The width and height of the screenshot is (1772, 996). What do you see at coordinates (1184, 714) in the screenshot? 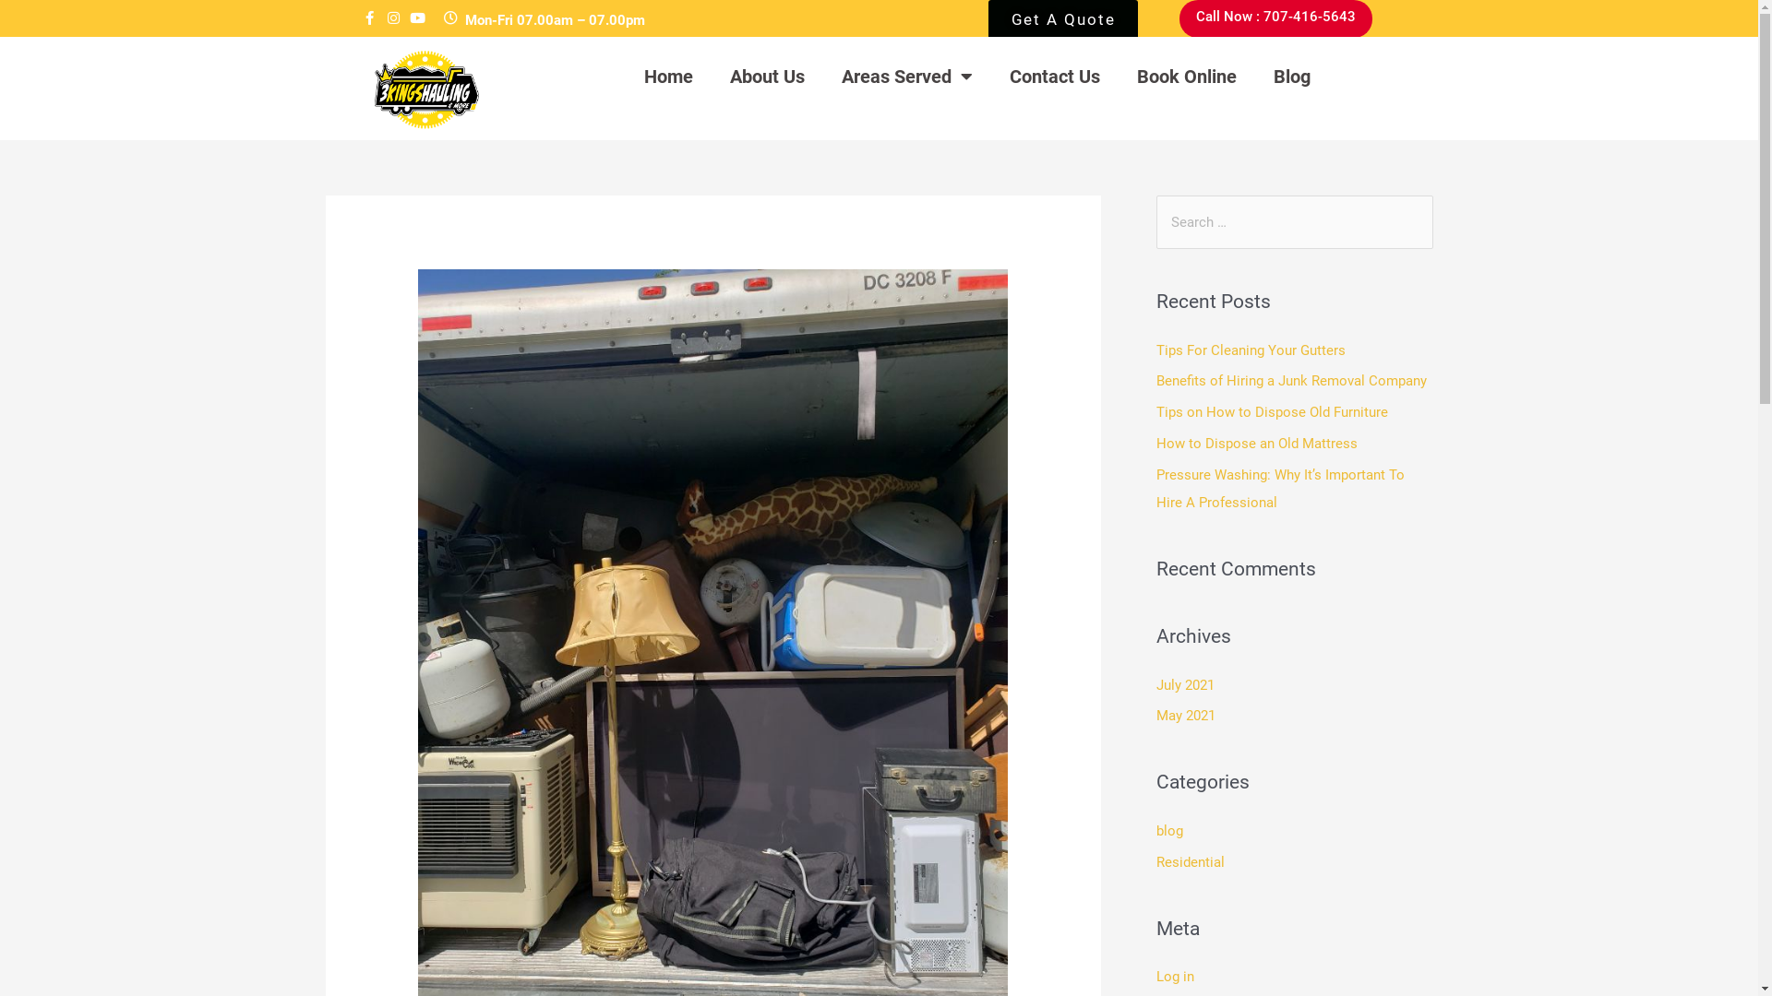
I see `'May 2021'` at bounding box center [1184, 714].